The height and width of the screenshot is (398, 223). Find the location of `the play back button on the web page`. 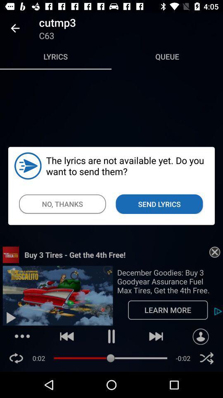

the play back button on the web page is located at coordinates (66, 336).